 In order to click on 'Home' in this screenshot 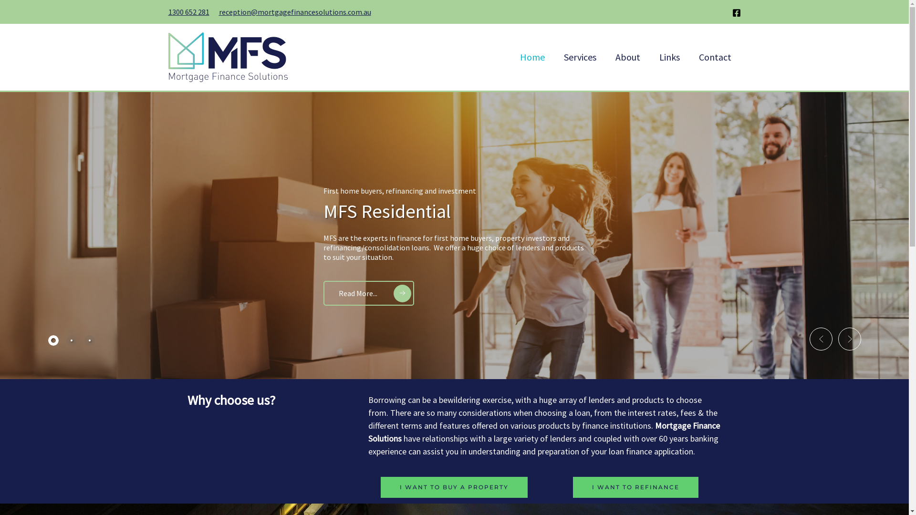, I will do `click(532, 57)`.